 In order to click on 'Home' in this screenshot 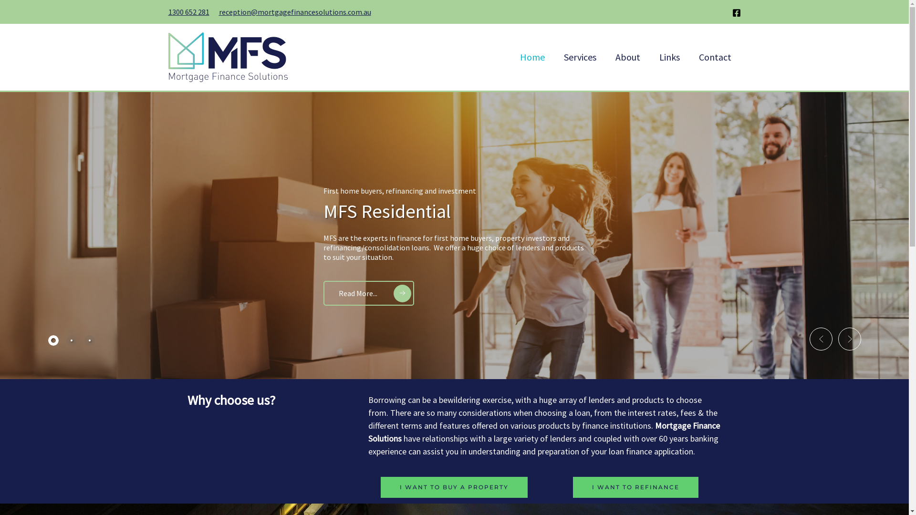, I will do `click(532, 57)`.